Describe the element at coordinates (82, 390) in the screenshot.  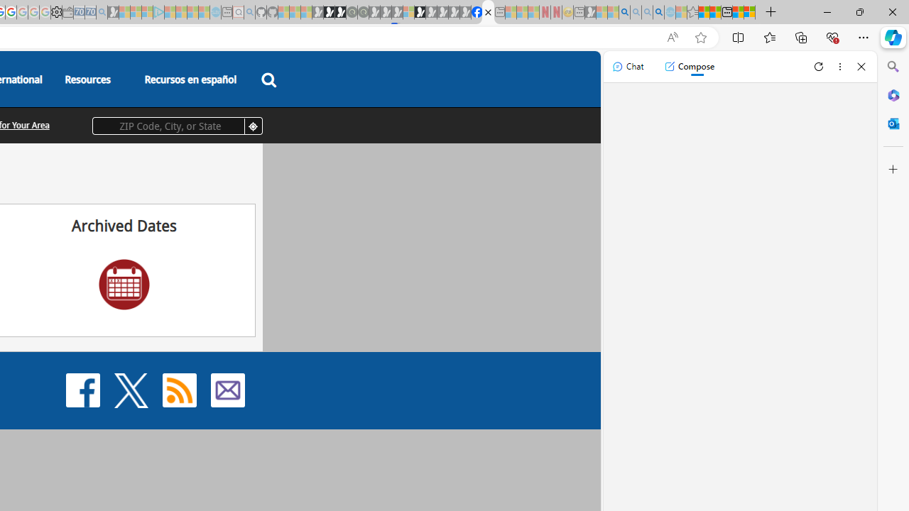
I see `'Facebook'` at that location.